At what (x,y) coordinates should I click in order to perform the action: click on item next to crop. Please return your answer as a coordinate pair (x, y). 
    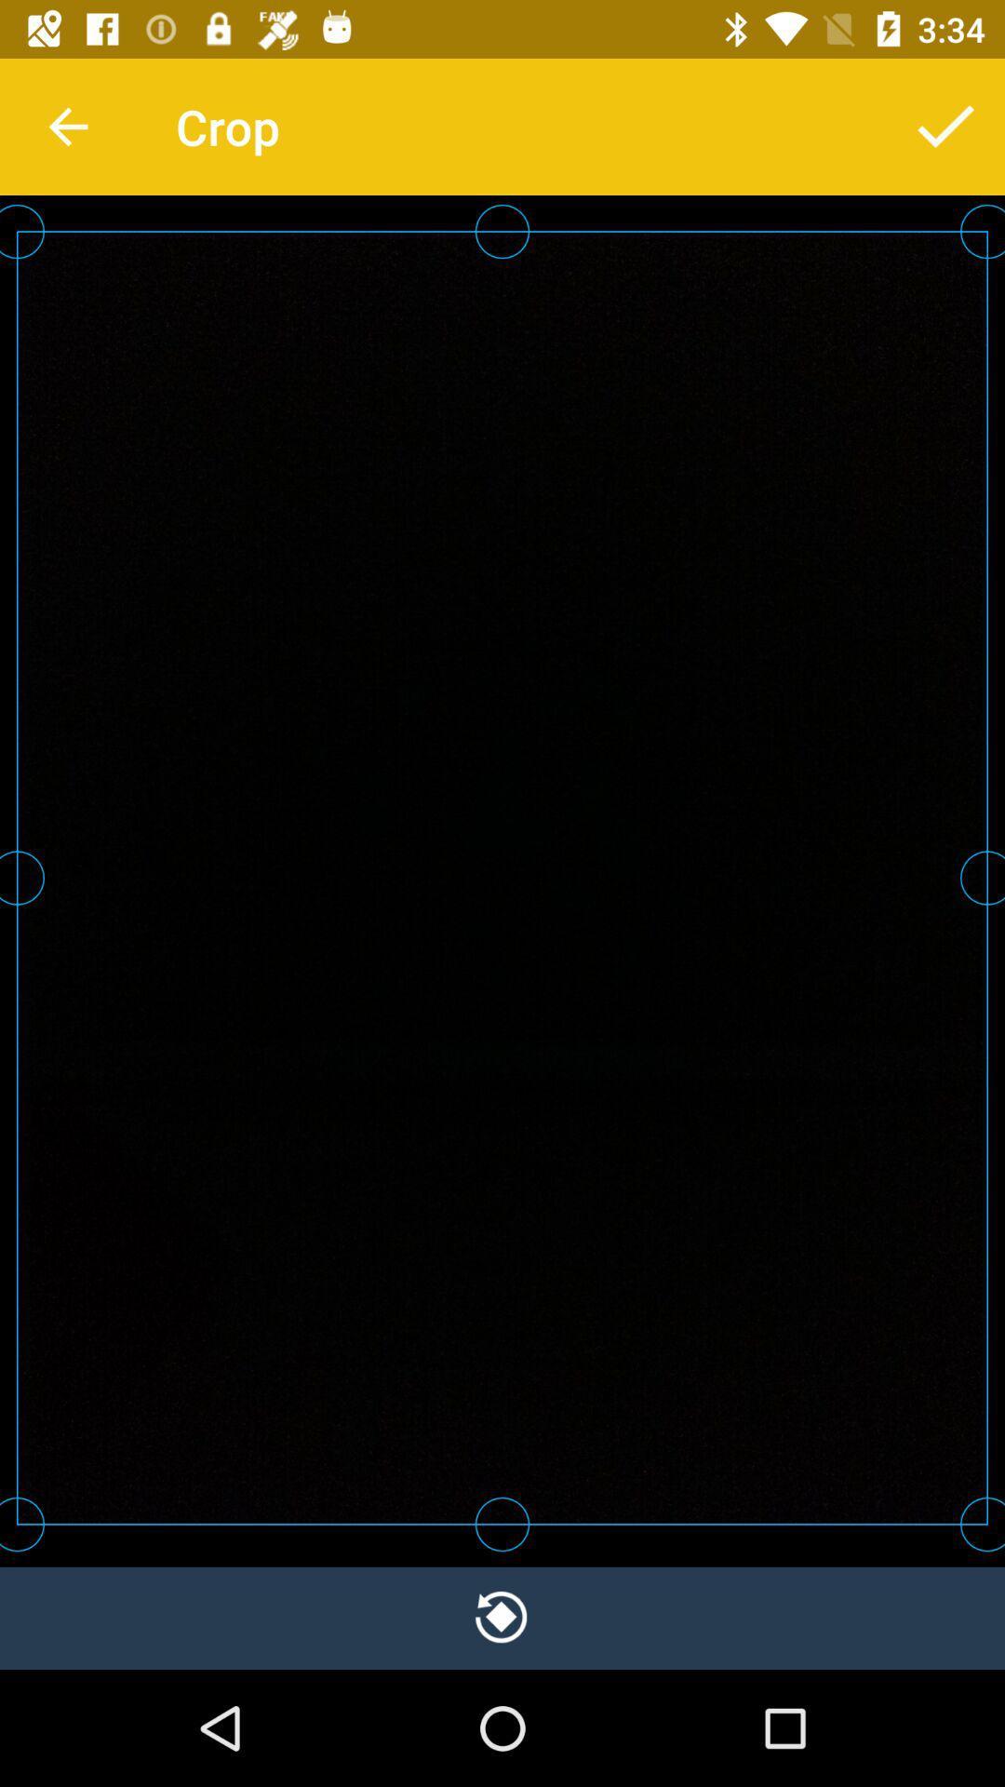
    Looking at the image, I should click on (67, 126).